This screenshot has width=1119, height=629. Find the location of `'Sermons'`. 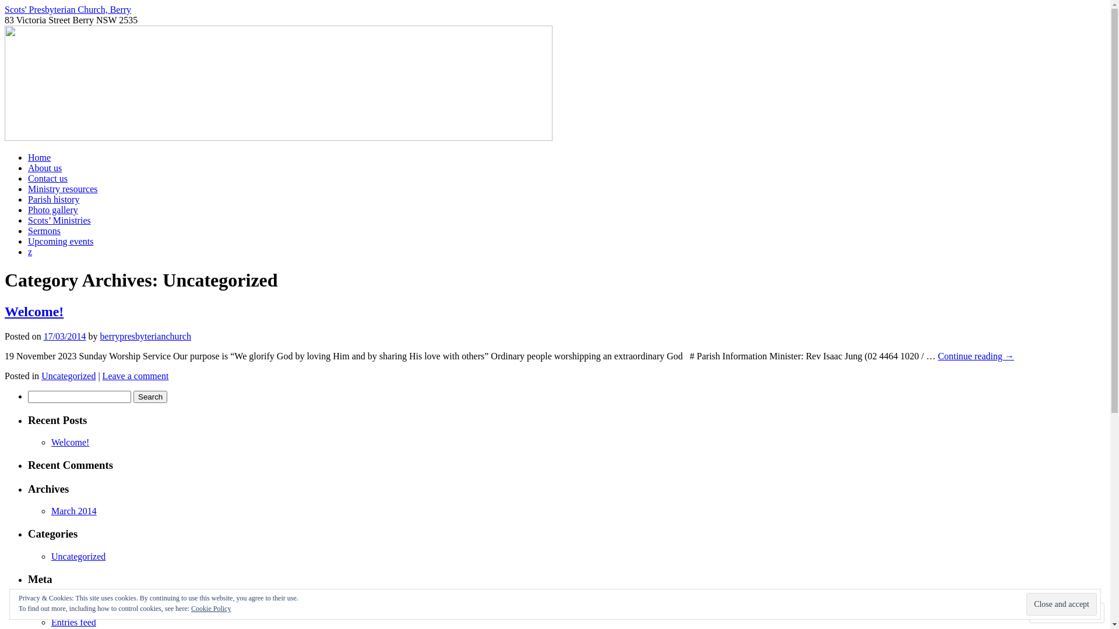

'Sermons' is located at coordinates (28, 231).